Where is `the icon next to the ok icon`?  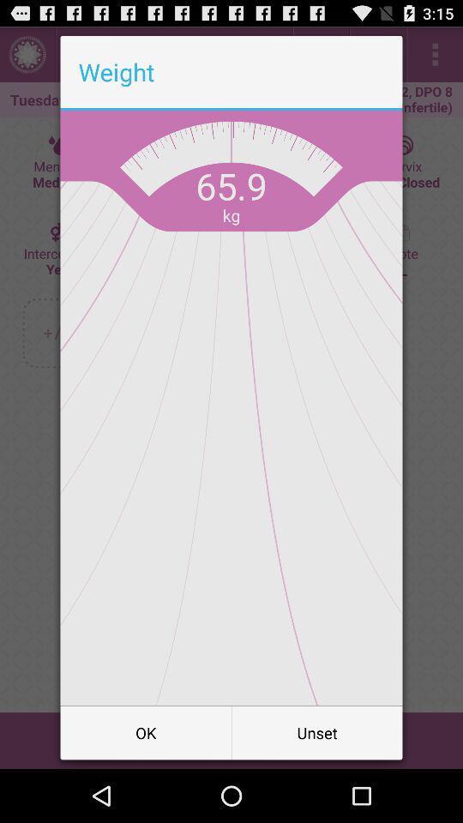 the icon next to the ok icon is located at coordinates (316, 731).